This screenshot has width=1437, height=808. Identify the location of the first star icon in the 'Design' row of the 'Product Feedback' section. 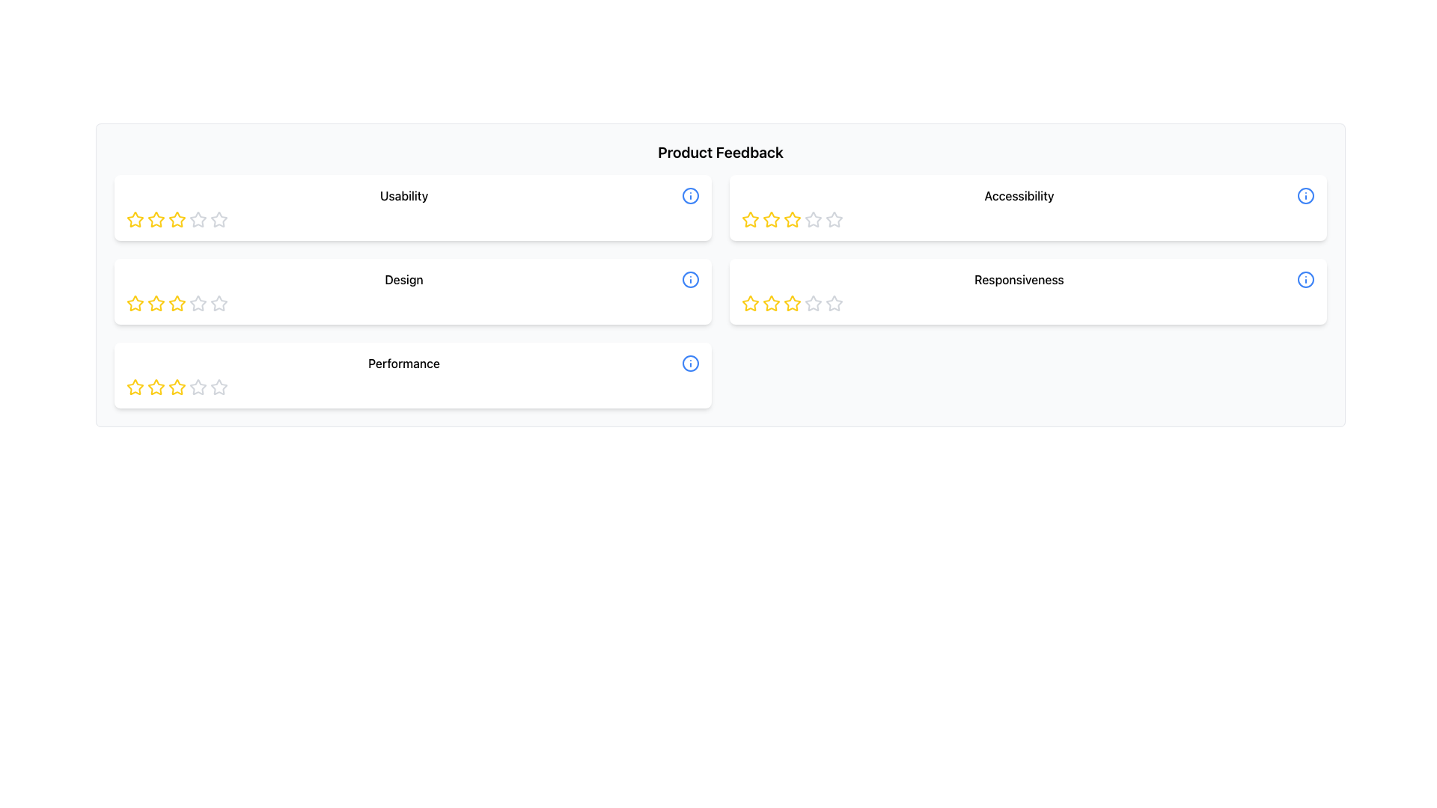
(156, 303).